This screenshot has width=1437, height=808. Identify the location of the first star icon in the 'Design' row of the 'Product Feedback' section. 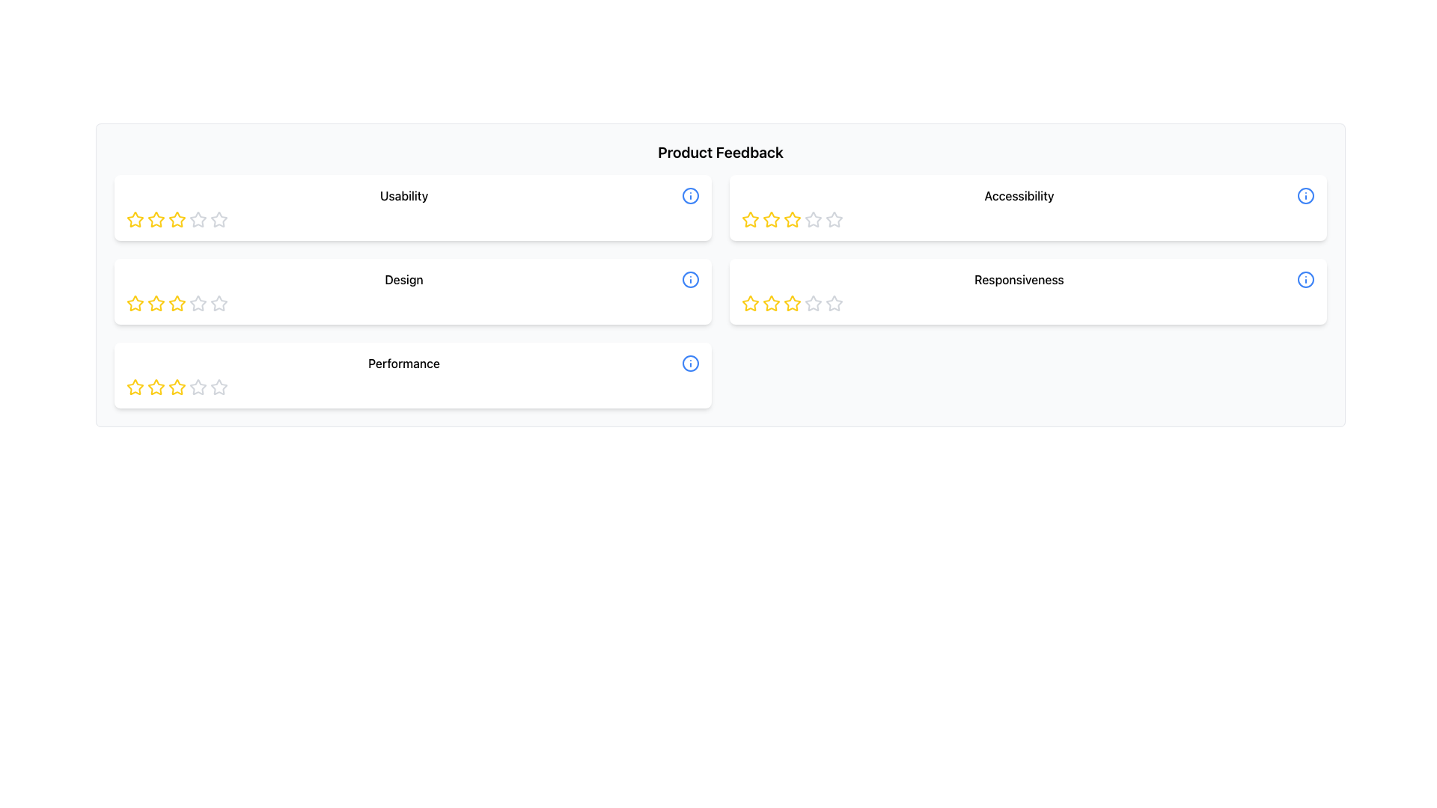
(156, 303).